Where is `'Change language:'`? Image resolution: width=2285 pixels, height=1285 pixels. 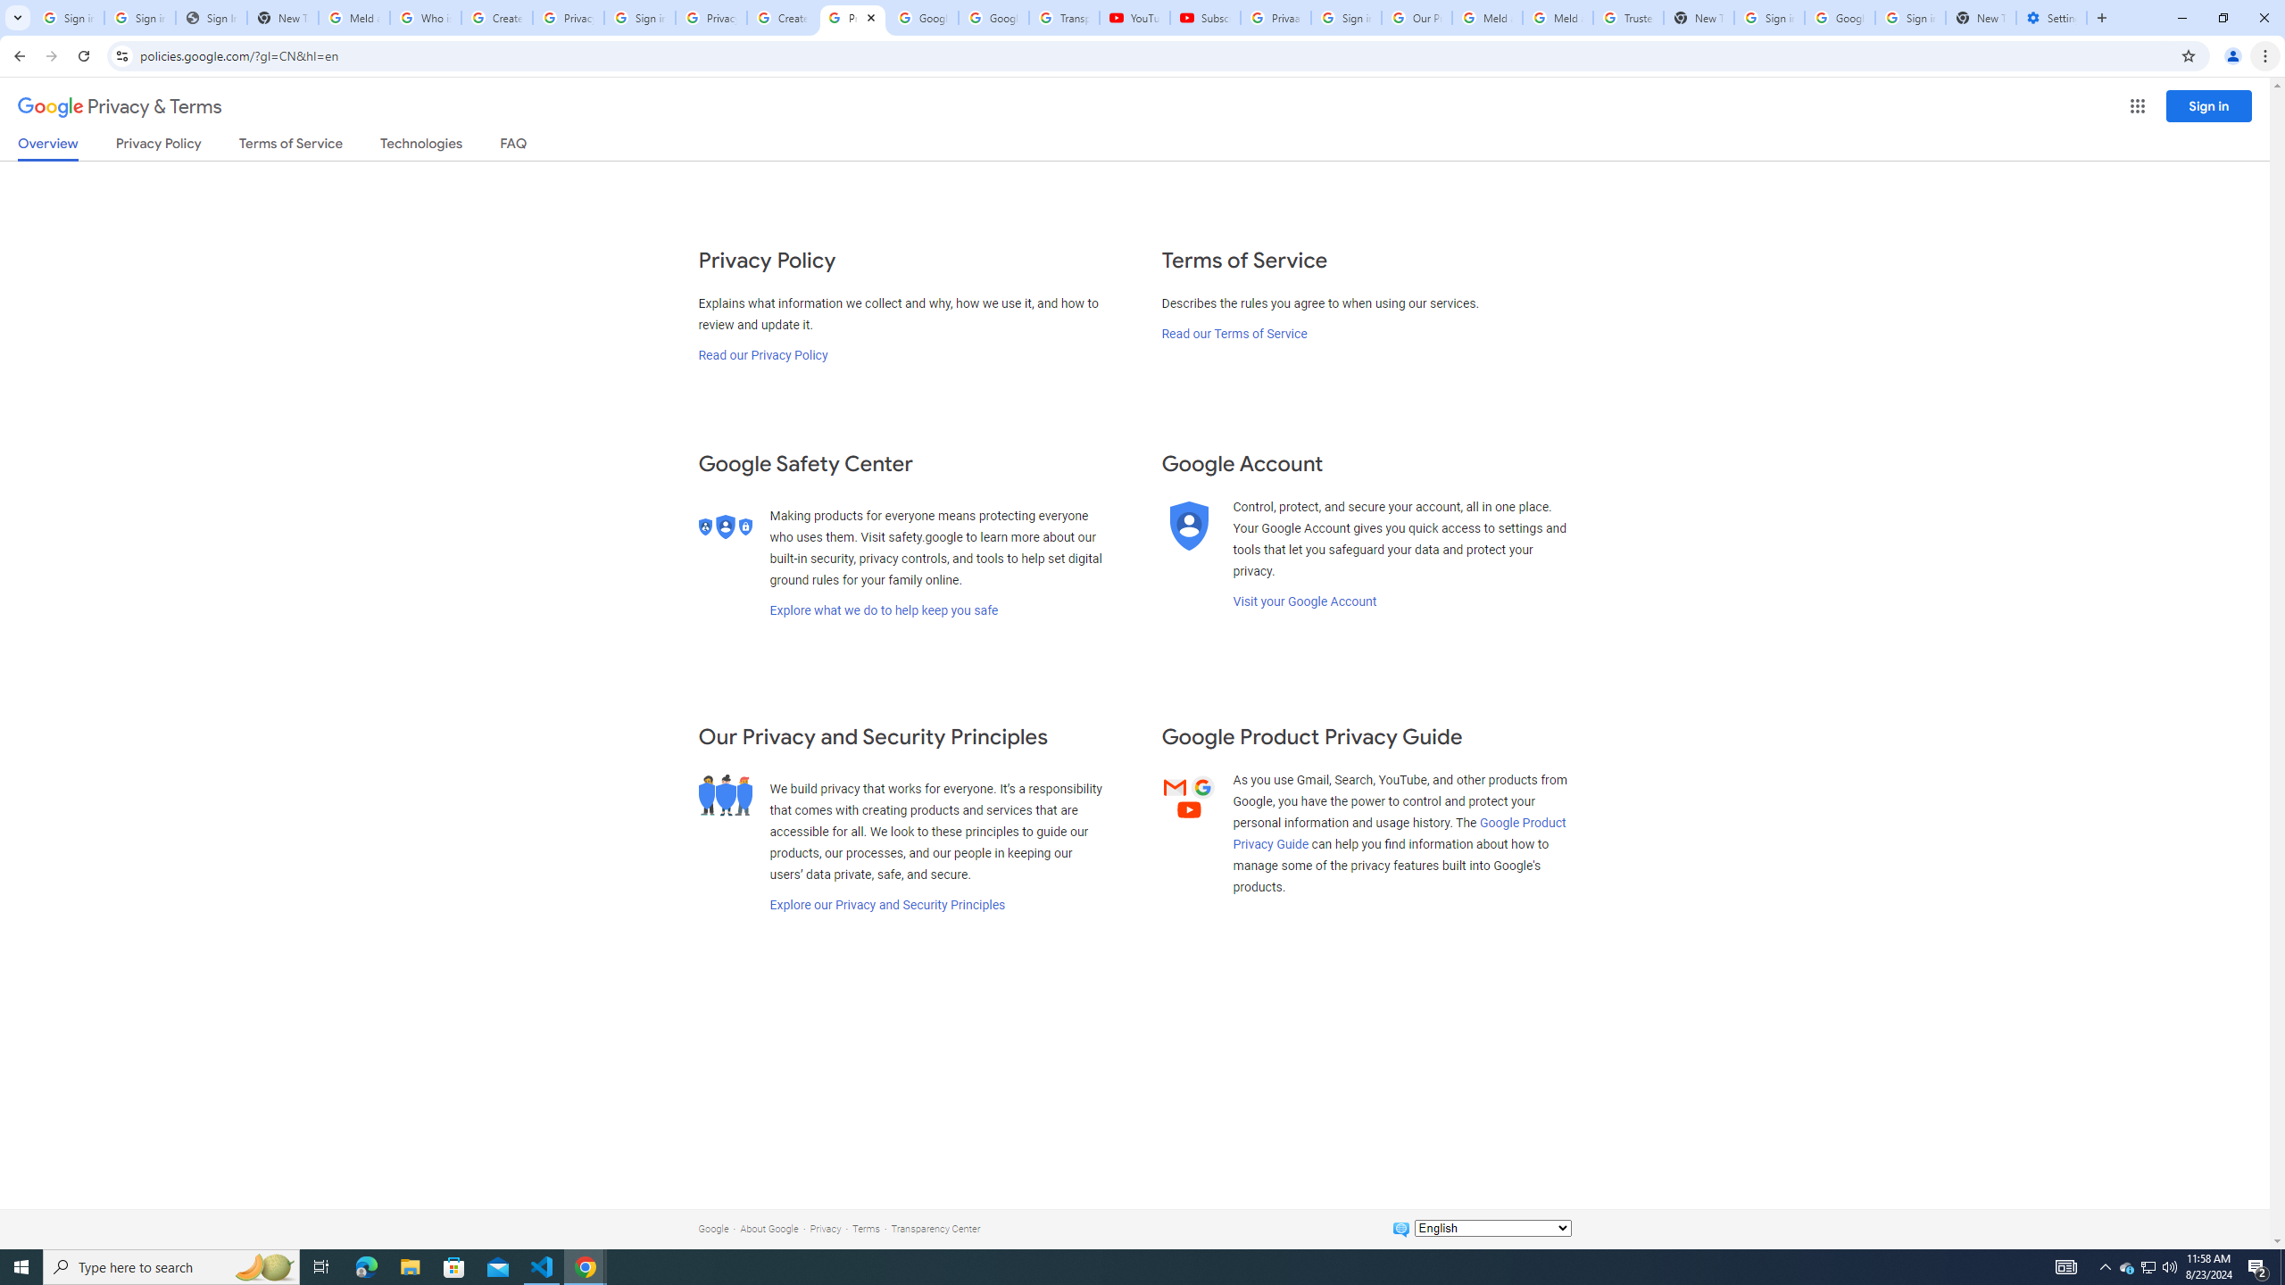
'Change language:' is located at coordinates (1491, 1226).